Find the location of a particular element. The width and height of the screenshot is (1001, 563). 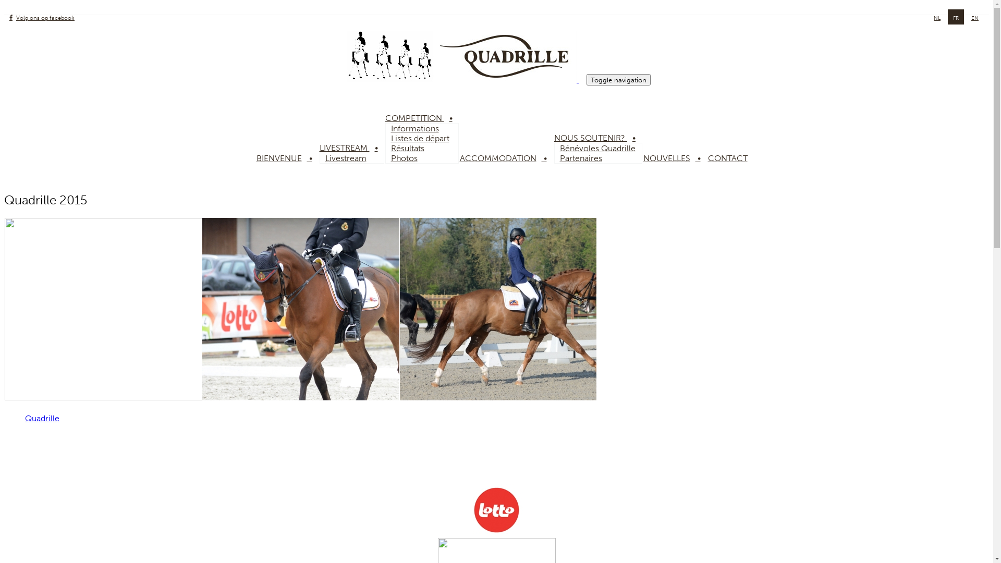

'NOUVELLES' is located at coordinates (675, 158).